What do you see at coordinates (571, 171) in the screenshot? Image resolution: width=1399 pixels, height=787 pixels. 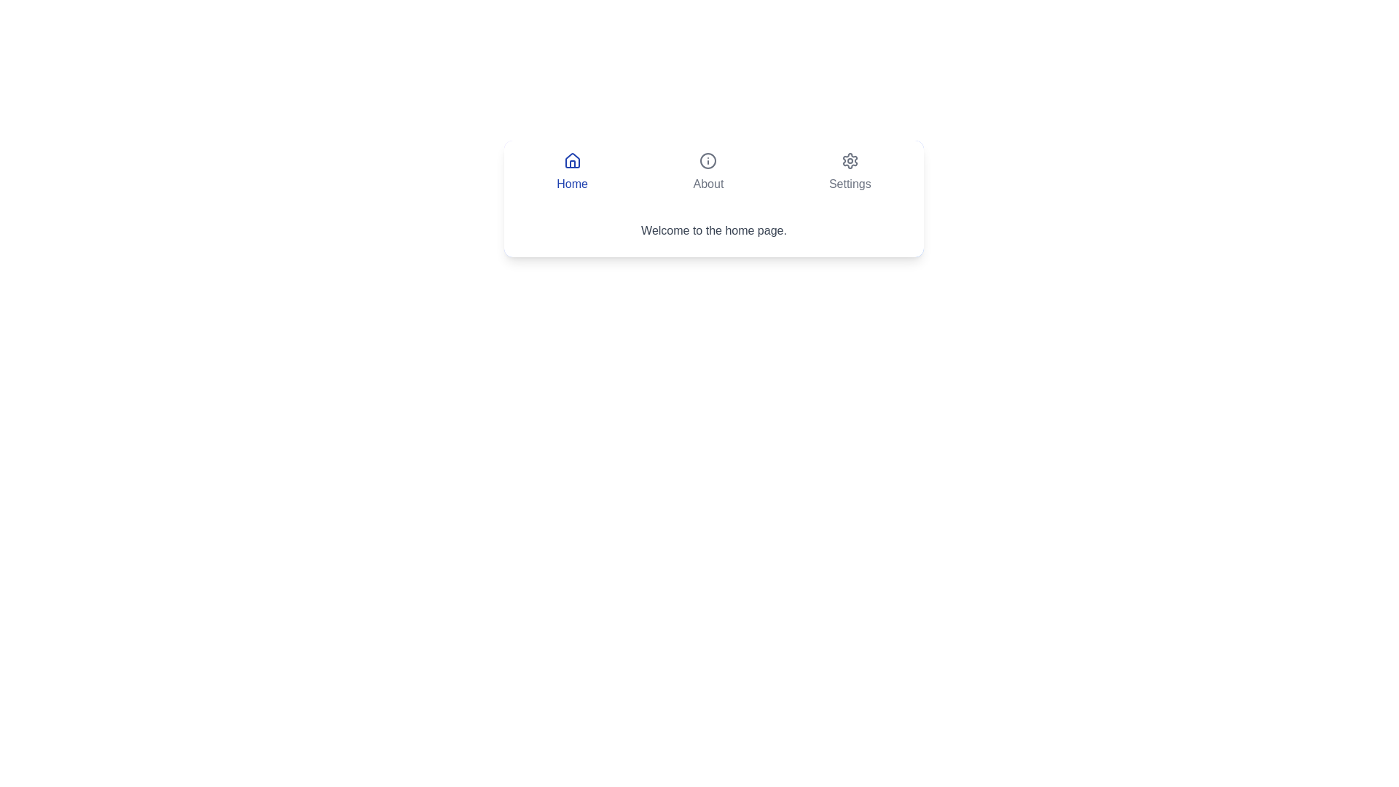 I see `the Home tab by clicking its button` at bounding box center [571, 171].